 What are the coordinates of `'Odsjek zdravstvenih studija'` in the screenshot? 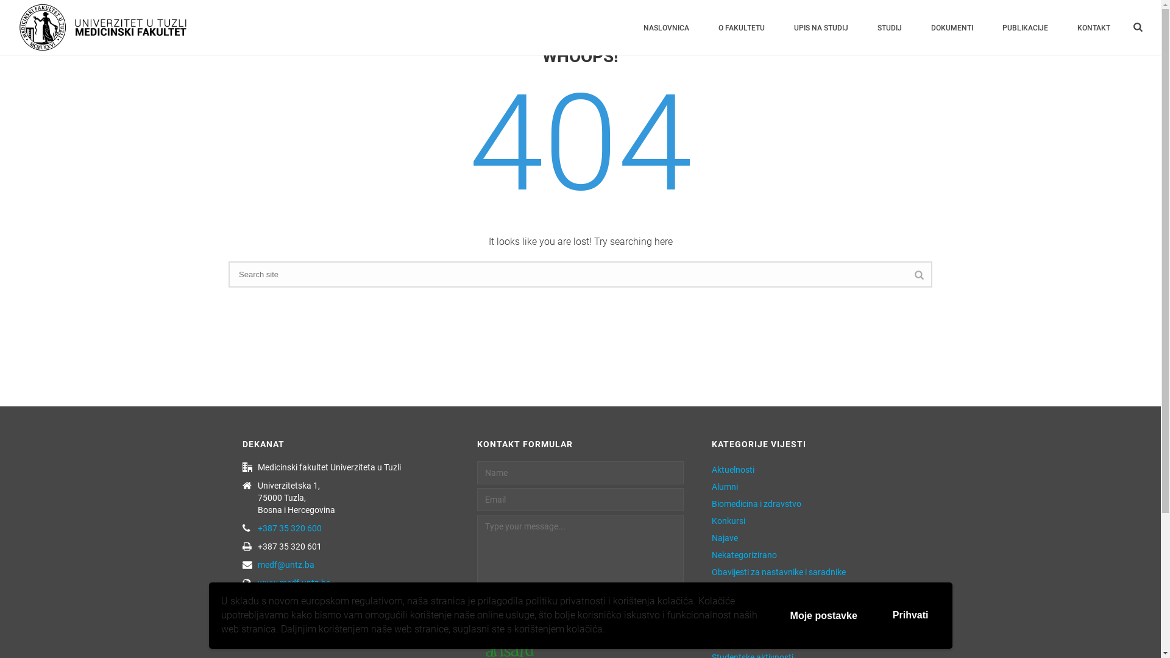 It's located at (762, 589).